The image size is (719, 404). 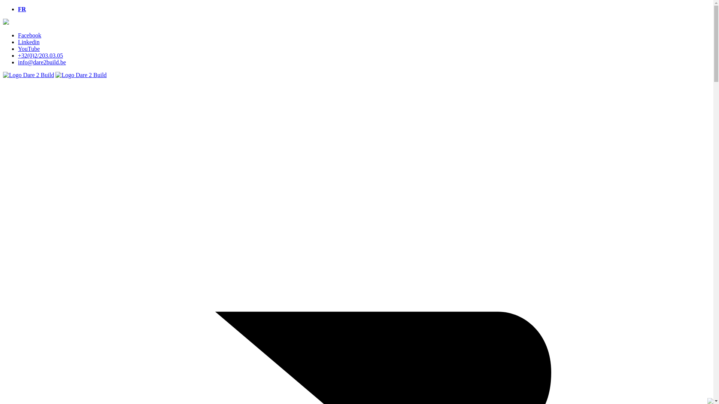 I want to click on 'Facebook', so click(x=29, y=35).